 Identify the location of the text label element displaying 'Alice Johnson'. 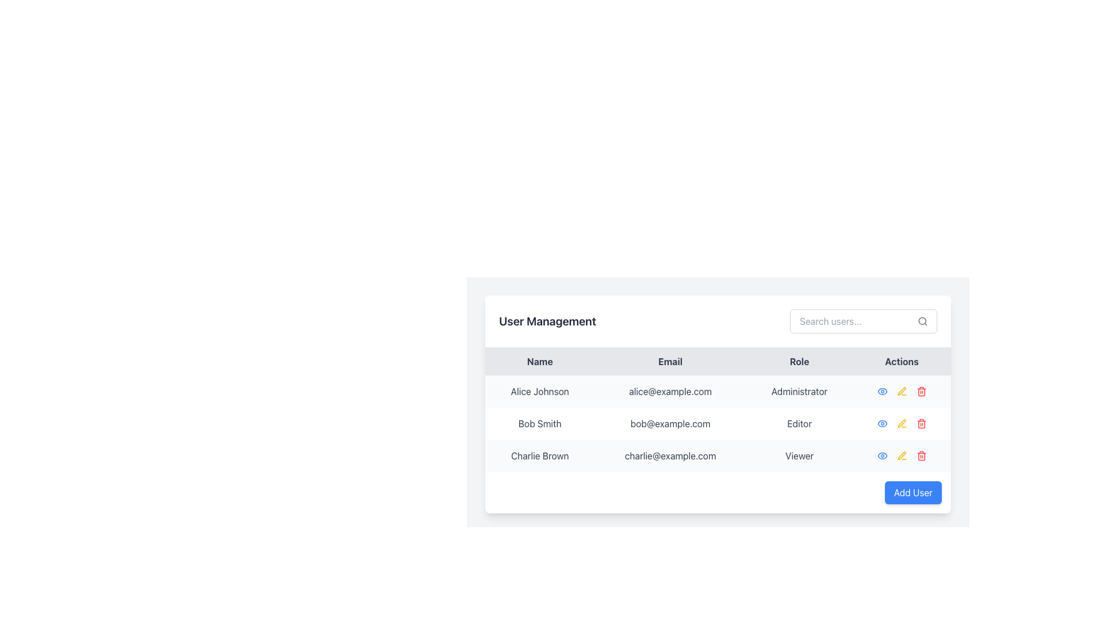
(539, 391).